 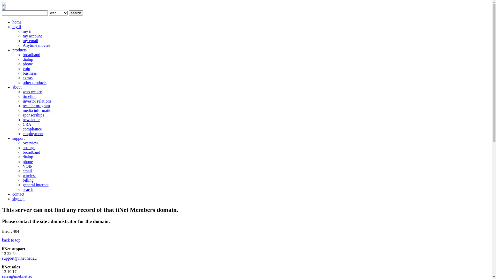 What do you see at coordinates (32, 129) in the screenshot?
I see `'compliance'` at bounding box center [32, 129].